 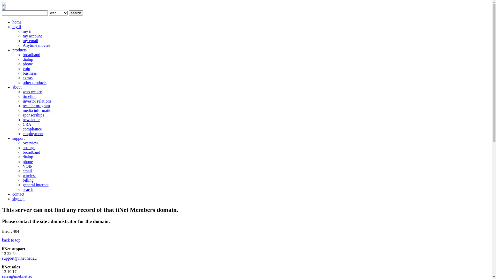 What do you see at coordinates (32, 129) in the screenshot?
I see `'compliance'` at bounding box center [32, 129].